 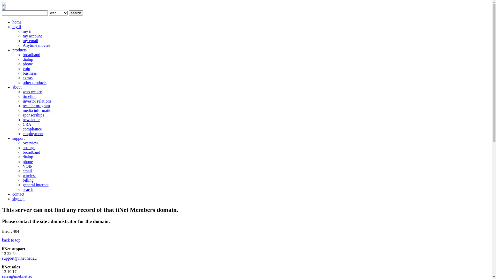 What do you see at coordinates (32, 129) in the screenshot?
I see `'compliance'` at bounding box center [32, 129].